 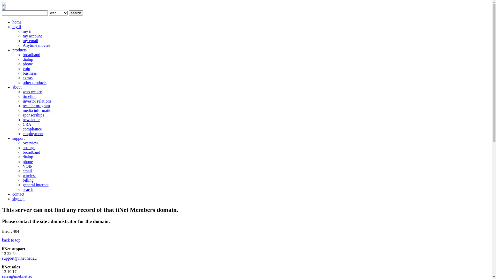 What do you see at coordinates (32, 129) in the screenshot?
I see `'compliance'` at bounding box center [32, 129].